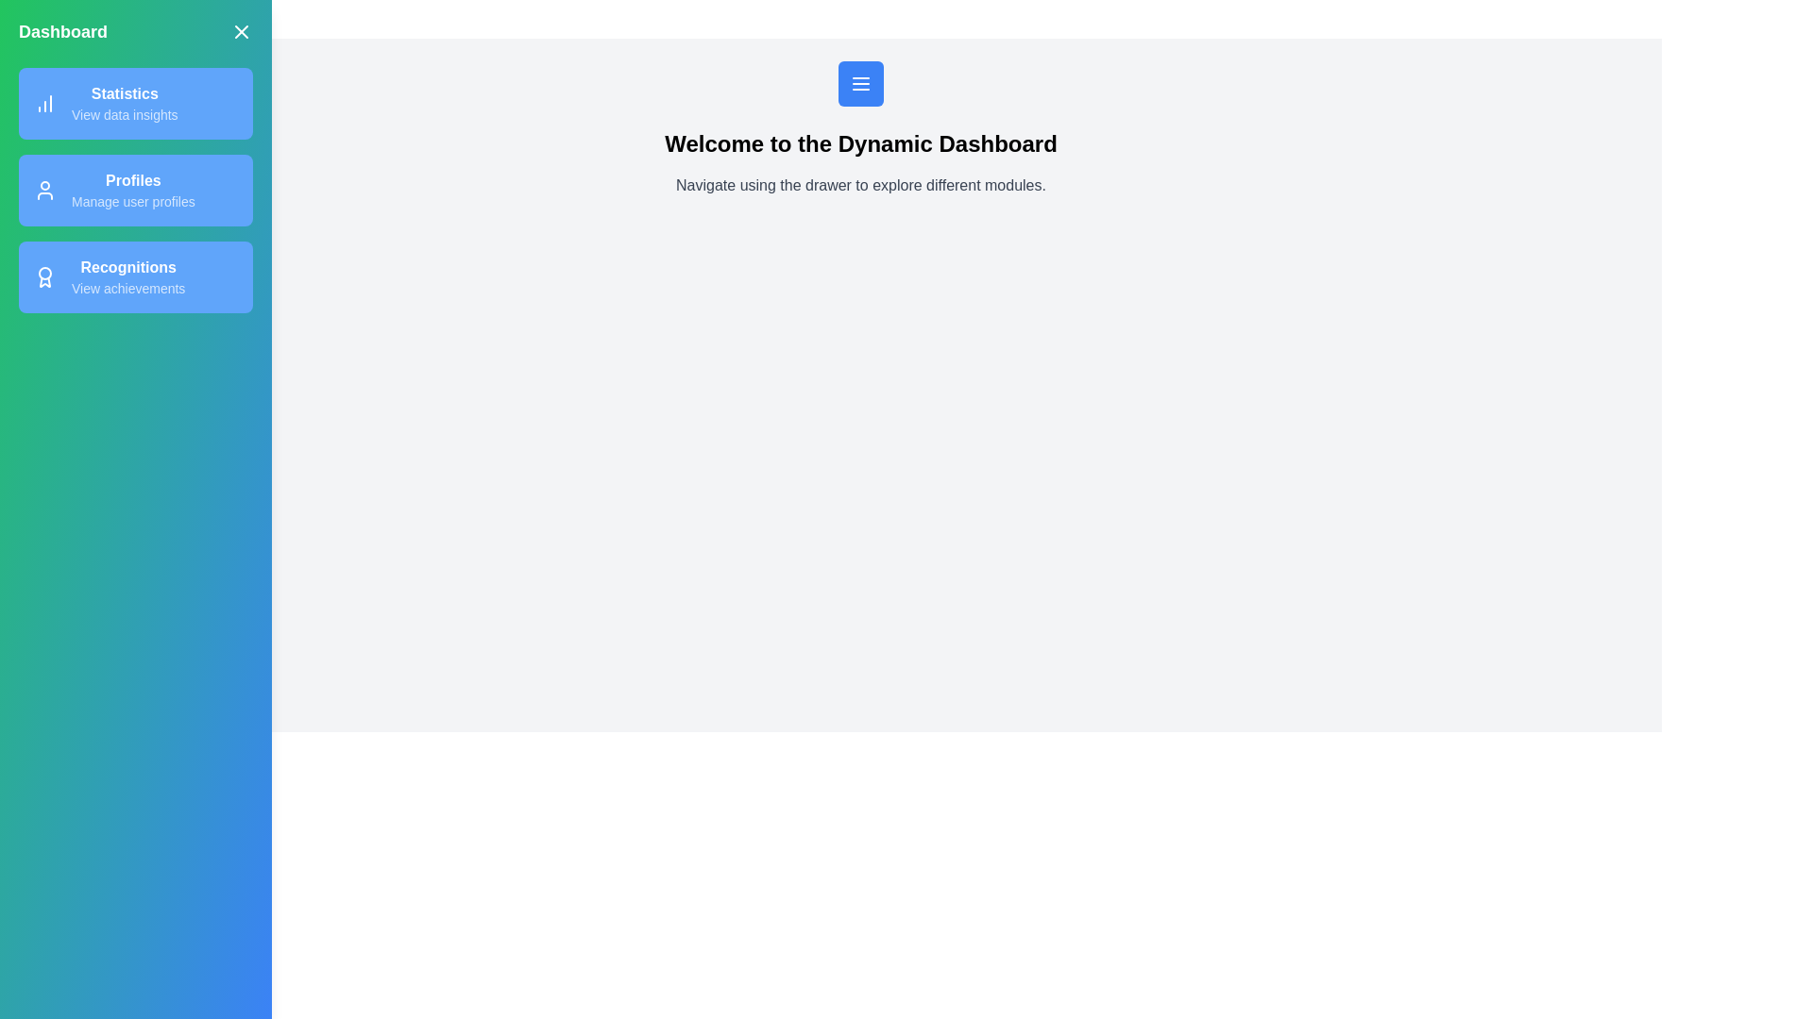 This screenshot has width=1813, height=1019. I want to click on menu button to open the drawer, so click(860, 82).